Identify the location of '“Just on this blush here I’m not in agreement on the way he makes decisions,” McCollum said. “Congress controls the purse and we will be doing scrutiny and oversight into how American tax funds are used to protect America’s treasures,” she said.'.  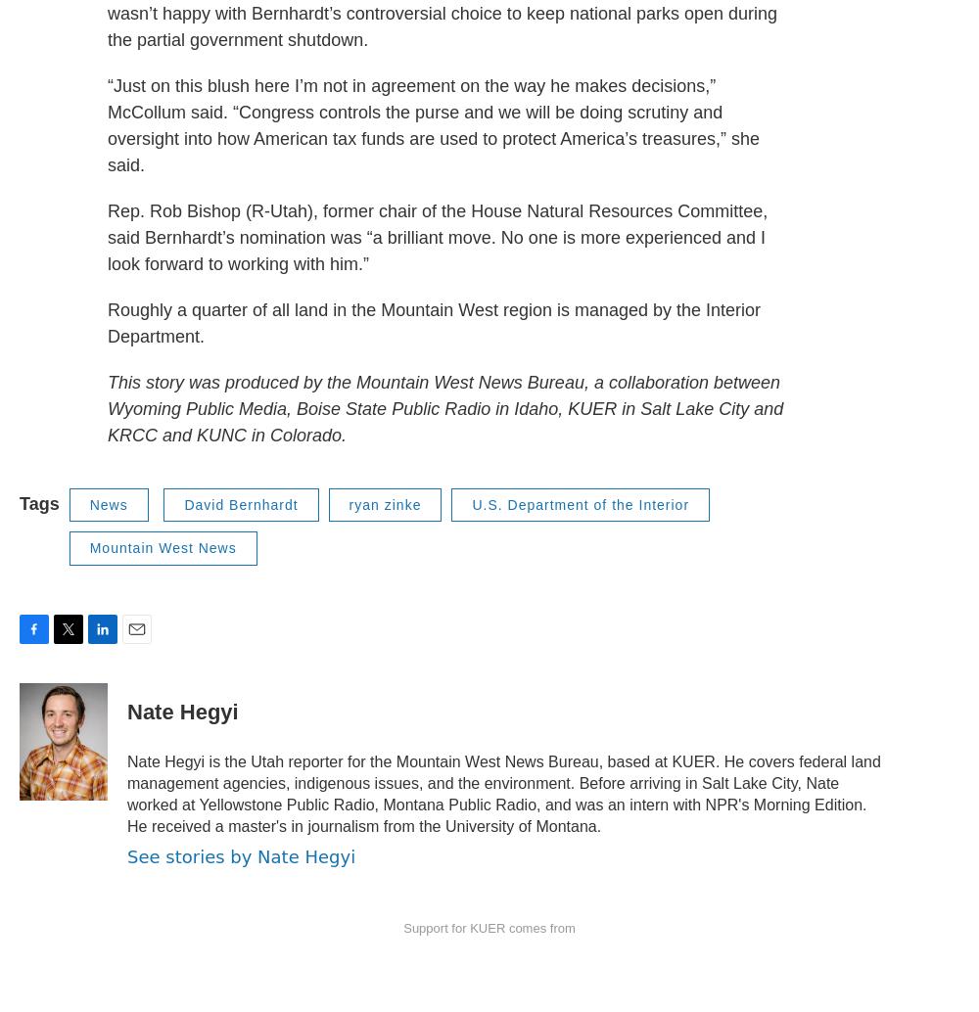
(433, 124).